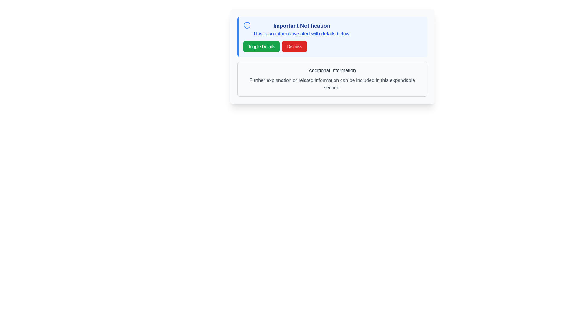 The width and height of the screenshot is (585, 329). What do you see at coordinates (247, 25) in the screenshot?
I see `the informational icon located at the top left of the notification box, preceding the text 'Important Notification'` at bounding box center [247, 25].